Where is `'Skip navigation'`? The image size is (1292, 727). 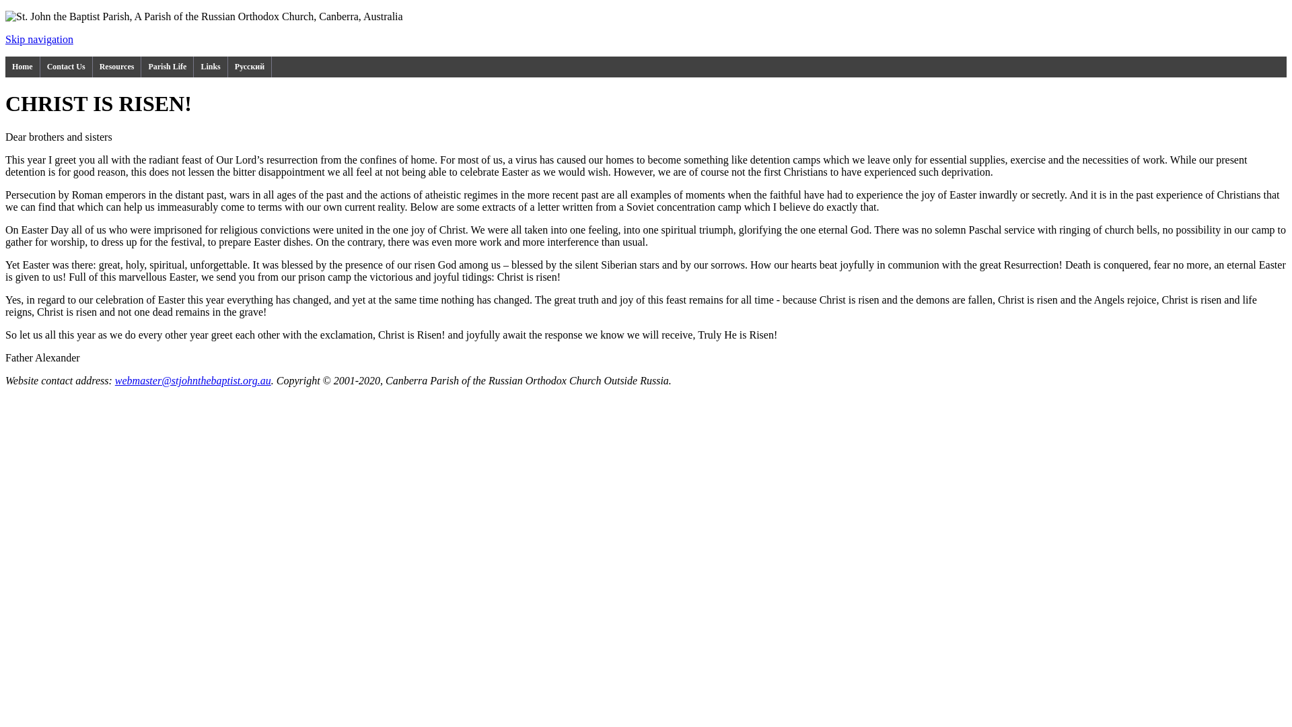
'Skip navigation' is located at coordinates (5, 38).